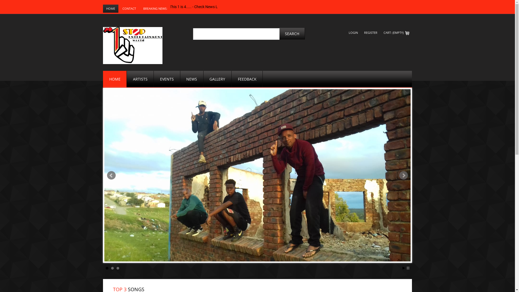 This screenshot has height=292, width=519. Describe the element at coordinates (407, 33) in the screenshot. I see `'cart'` at that location.